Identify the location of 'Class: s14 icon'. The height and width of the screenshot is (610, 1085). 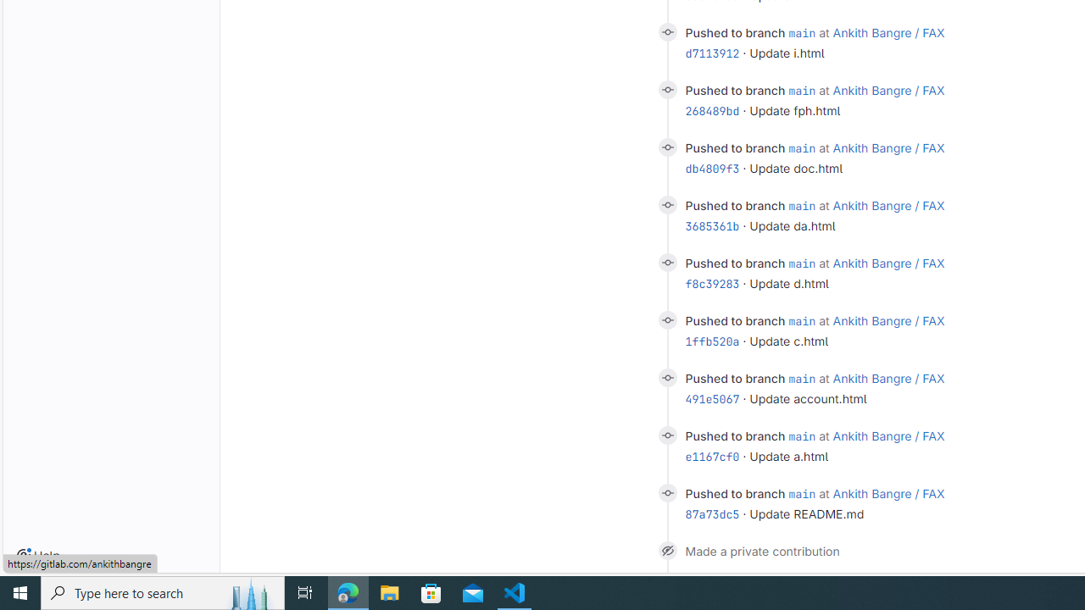
(666, 550).